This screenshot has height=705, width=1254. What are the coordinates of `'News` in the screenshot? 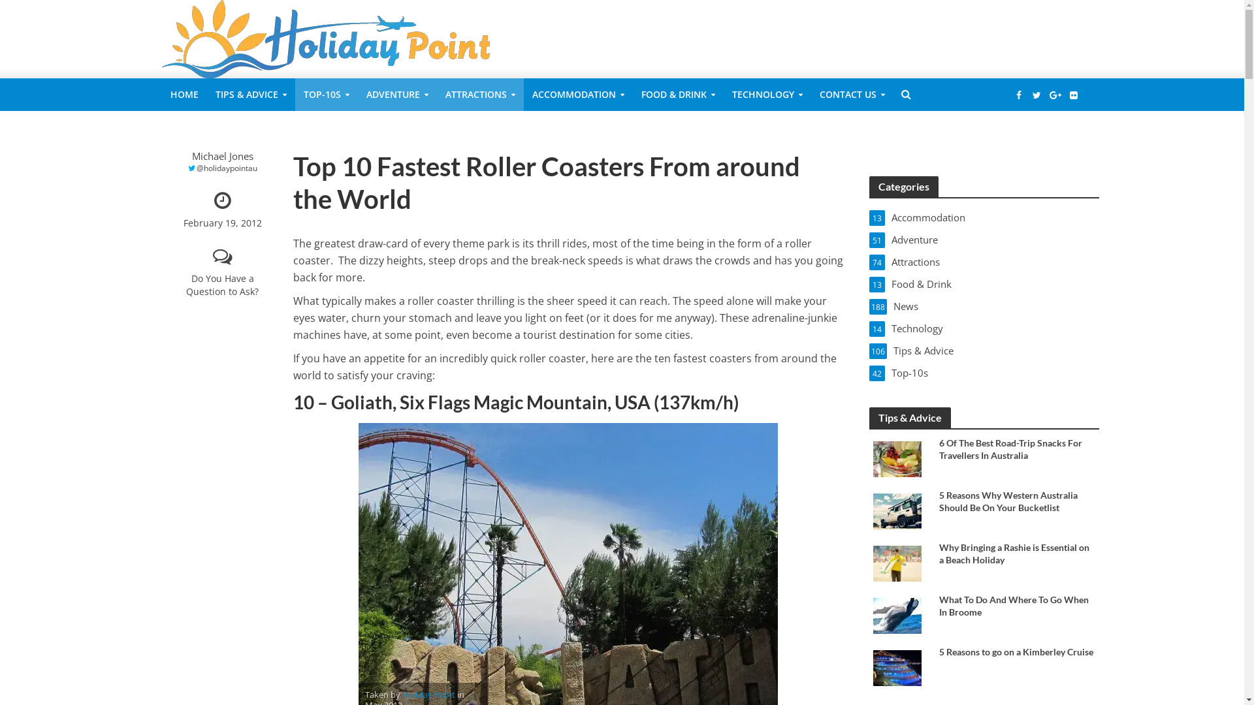 It's located at (984, 306).